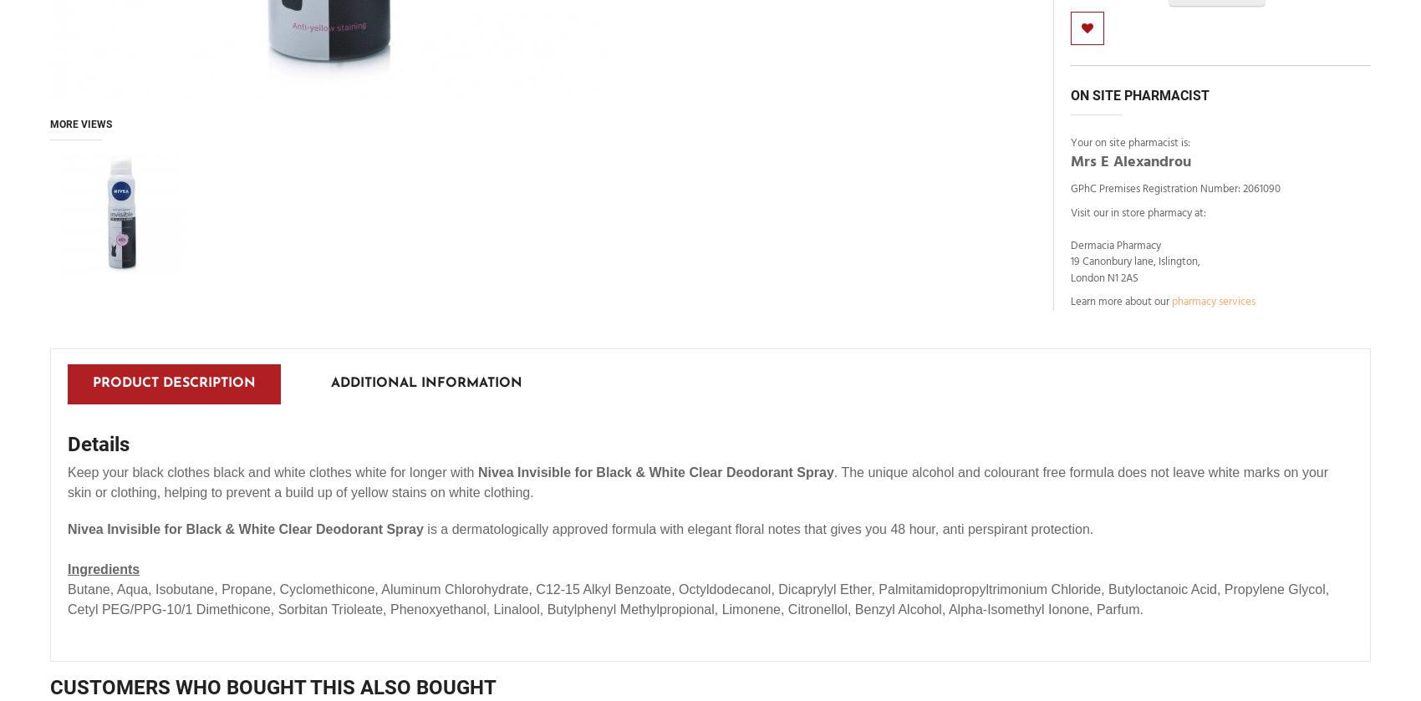 The width and height of the screenshot is (1421, 701). Describe the element at coordinates (1070, 189) in the screenshot. I see `'GPhC Premises Registration Number: 2061090'` at that location.